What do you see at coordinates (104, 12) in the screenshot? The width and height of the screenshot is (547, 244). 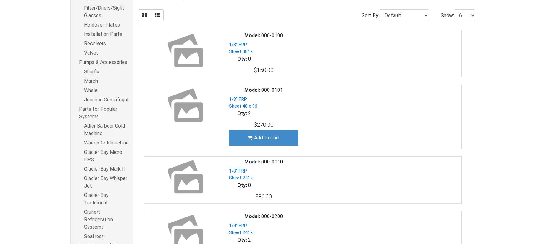 I see `'Filter/Driers/Sight Glasses'` at bounding box center [104, 12].